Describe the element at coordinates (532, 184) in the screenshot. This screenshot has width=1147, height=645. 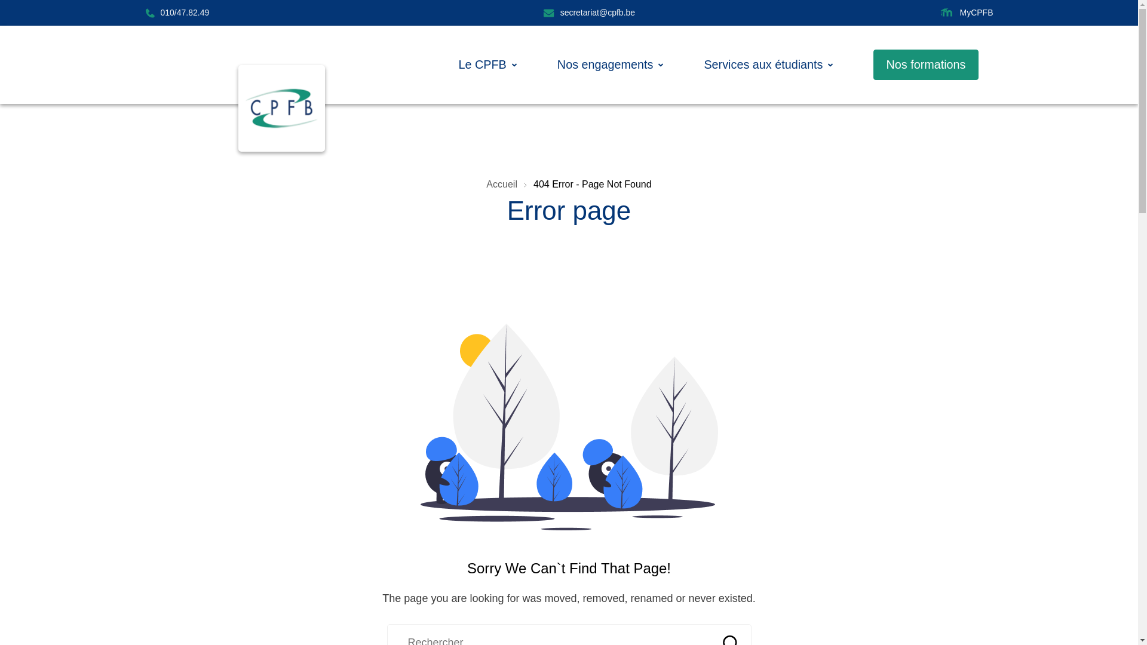
I see `'404 Error - Page Not Found'` at that location.